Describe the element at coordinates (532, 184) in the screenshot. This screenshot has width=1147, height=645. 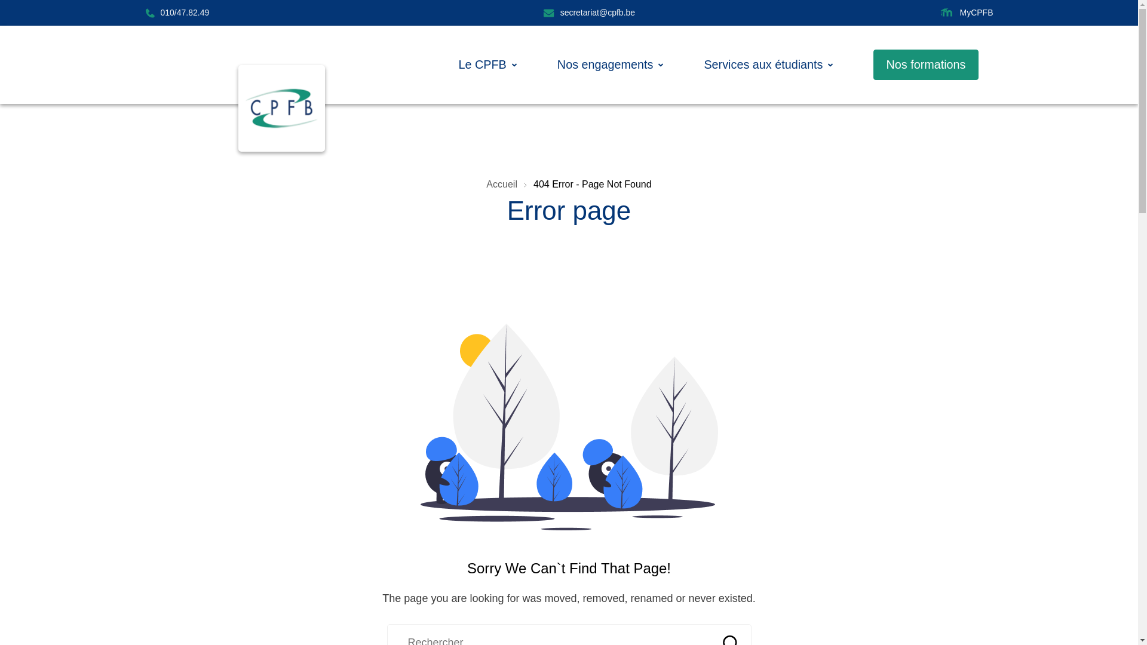
I see `'404 Error - Page Not Found'` at that location.